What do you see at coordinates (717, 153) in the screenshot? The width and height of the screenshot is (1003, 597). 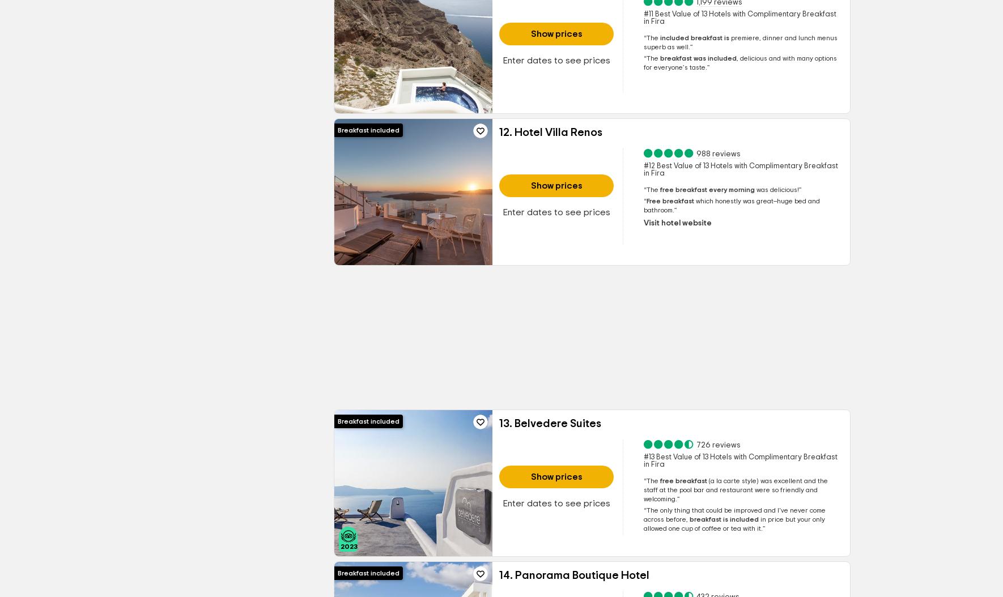 I see `'988 reviews'` at bounding box center [717, 153].